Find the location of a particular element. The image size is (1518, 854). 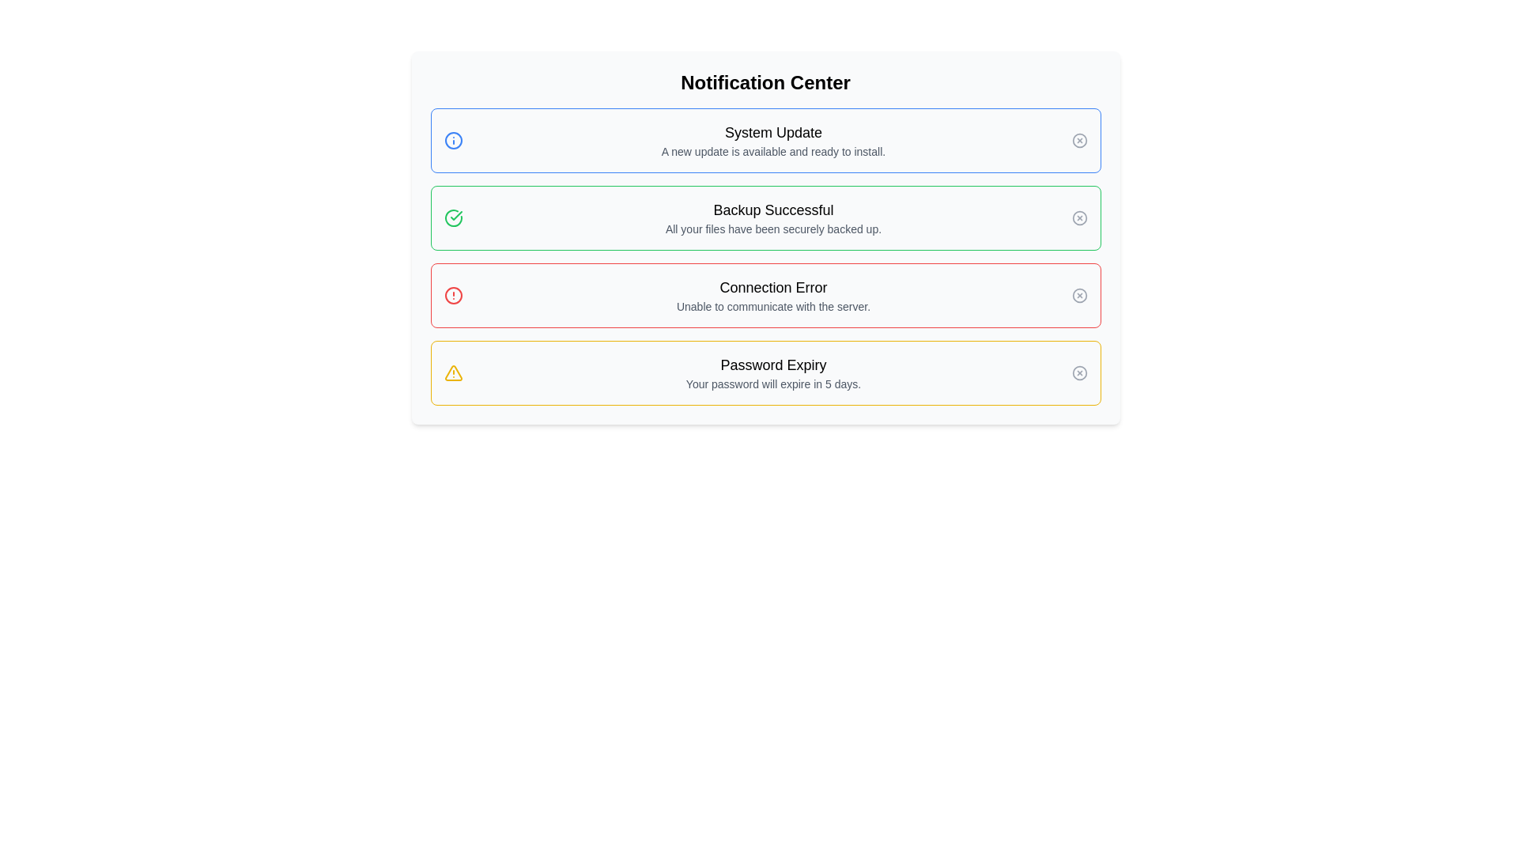

the dismiss button for the 'System Update' notification to observe hover effects is located at coordinates (1078, 139).